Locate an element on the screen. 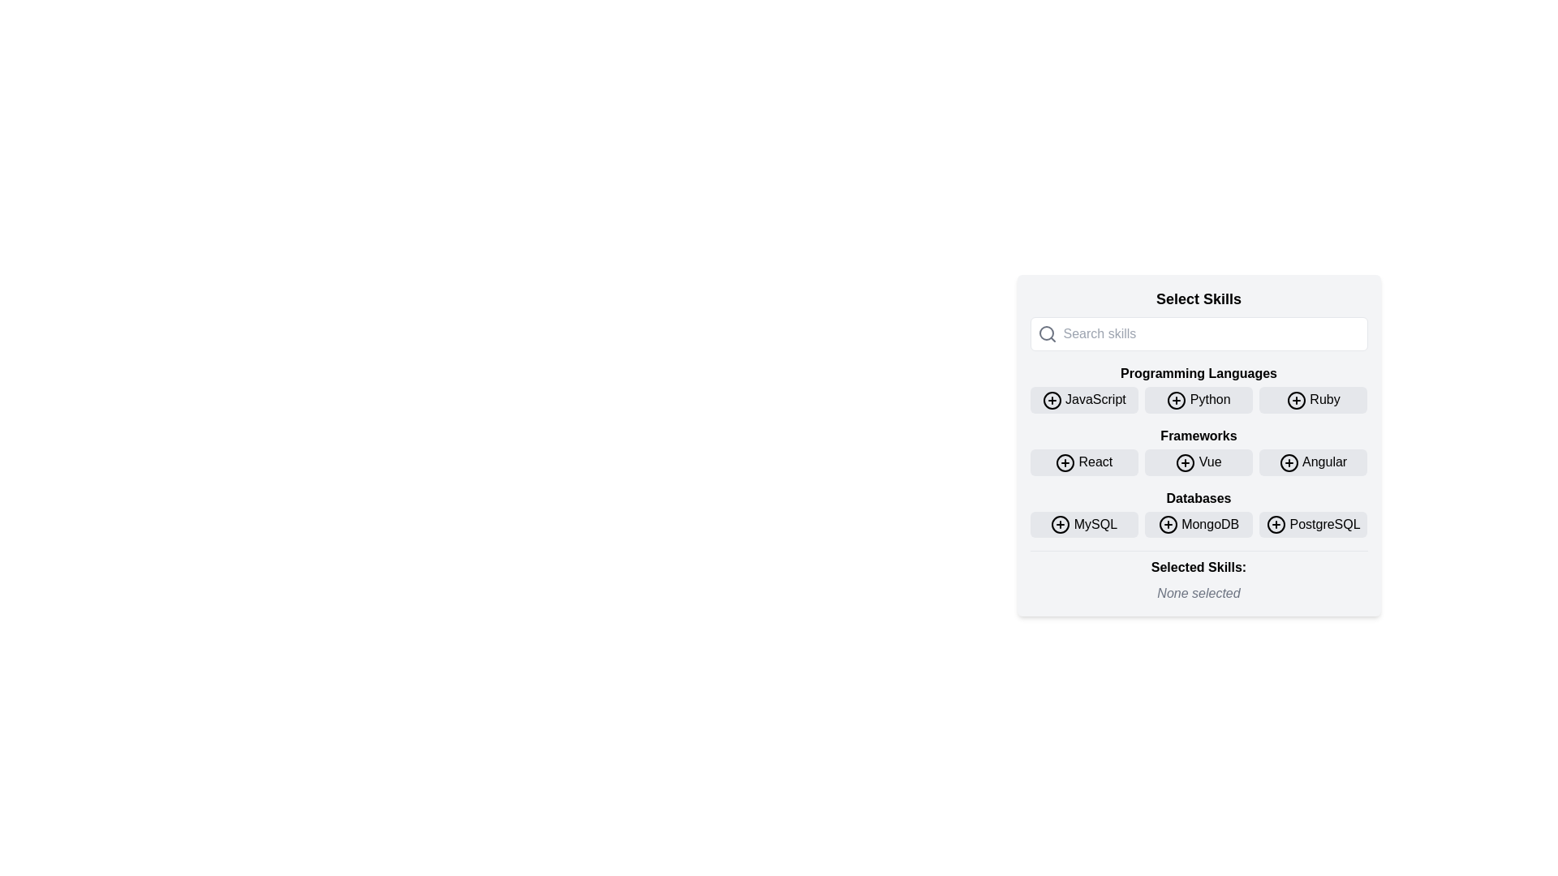  the Python icon button located to the left of the 'Python' text in the 'Programming Languages' section of the 'Select Skills' interface is located at coordinates (1177, 400).